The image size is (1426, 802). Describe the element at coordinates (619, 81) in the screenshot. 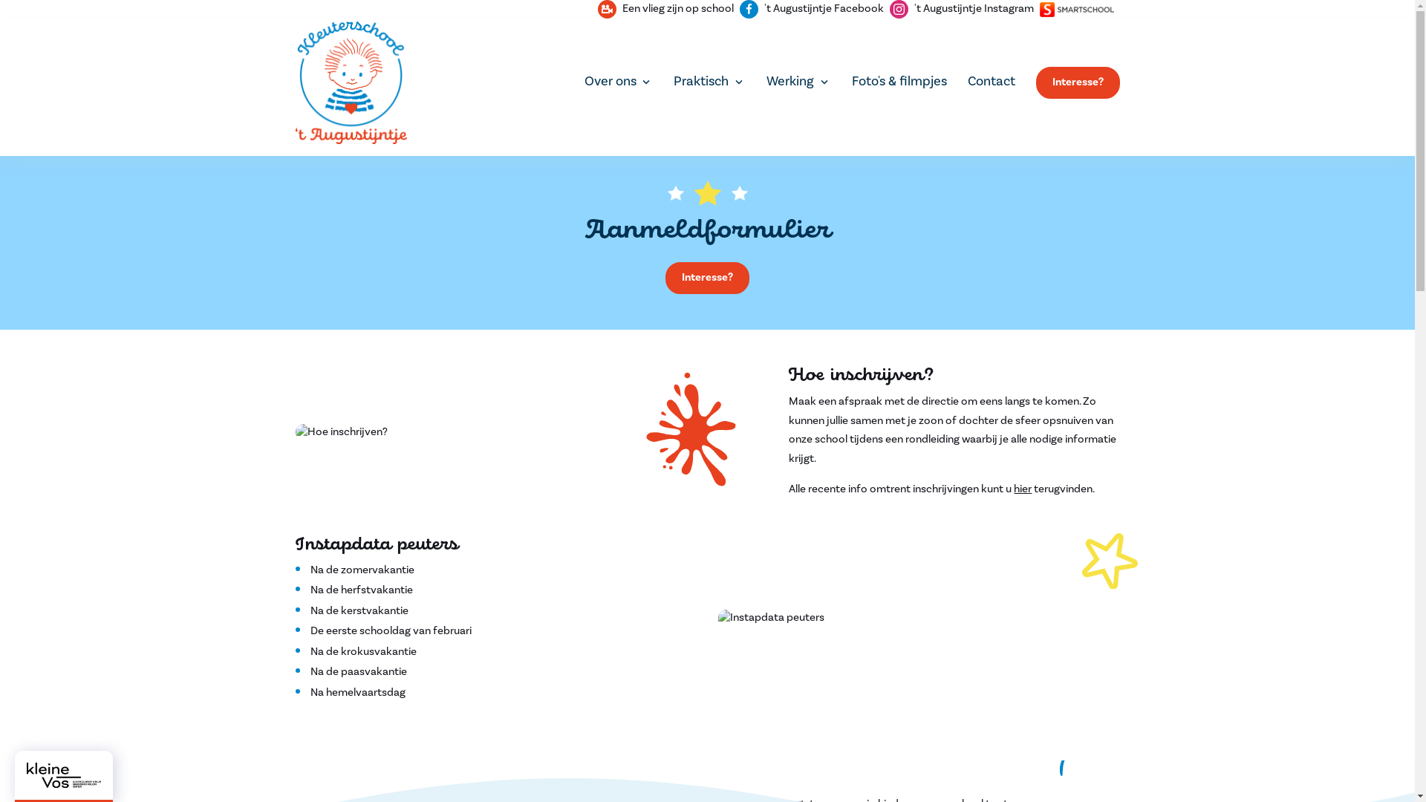

I see `'Over ons'` at that location.